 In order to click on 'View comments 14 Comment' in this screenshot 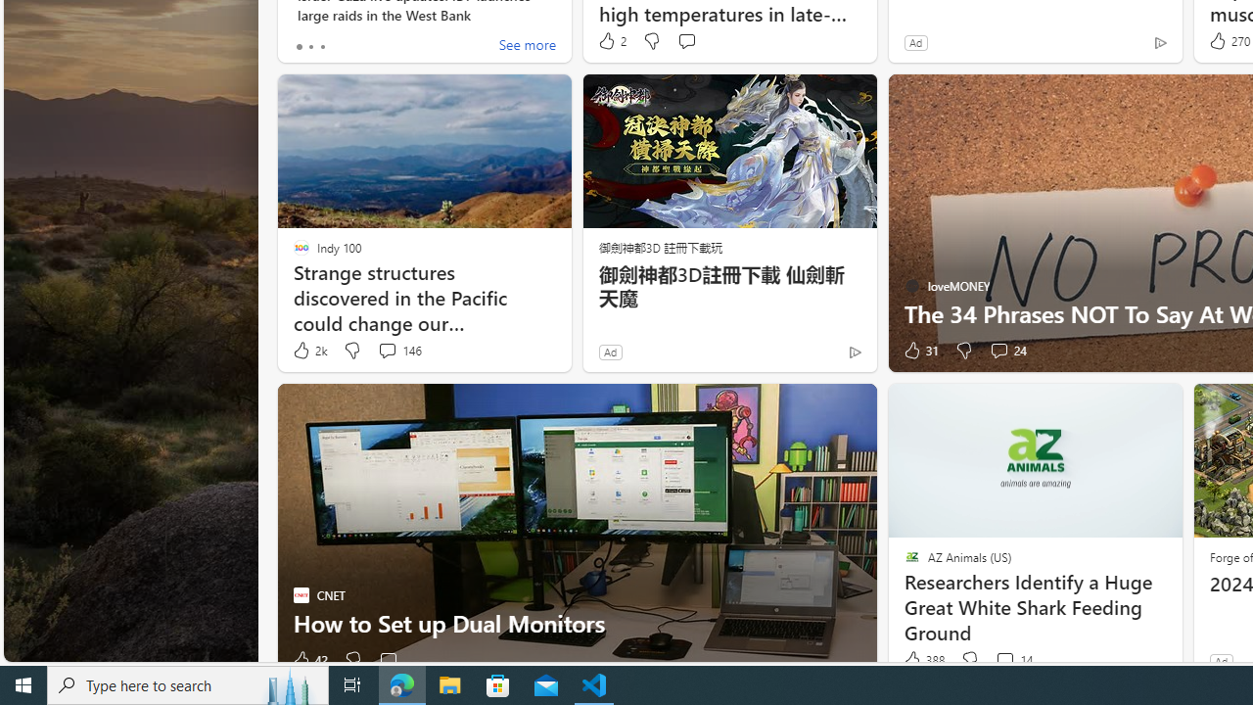, I will do `click(1004, 659)`.